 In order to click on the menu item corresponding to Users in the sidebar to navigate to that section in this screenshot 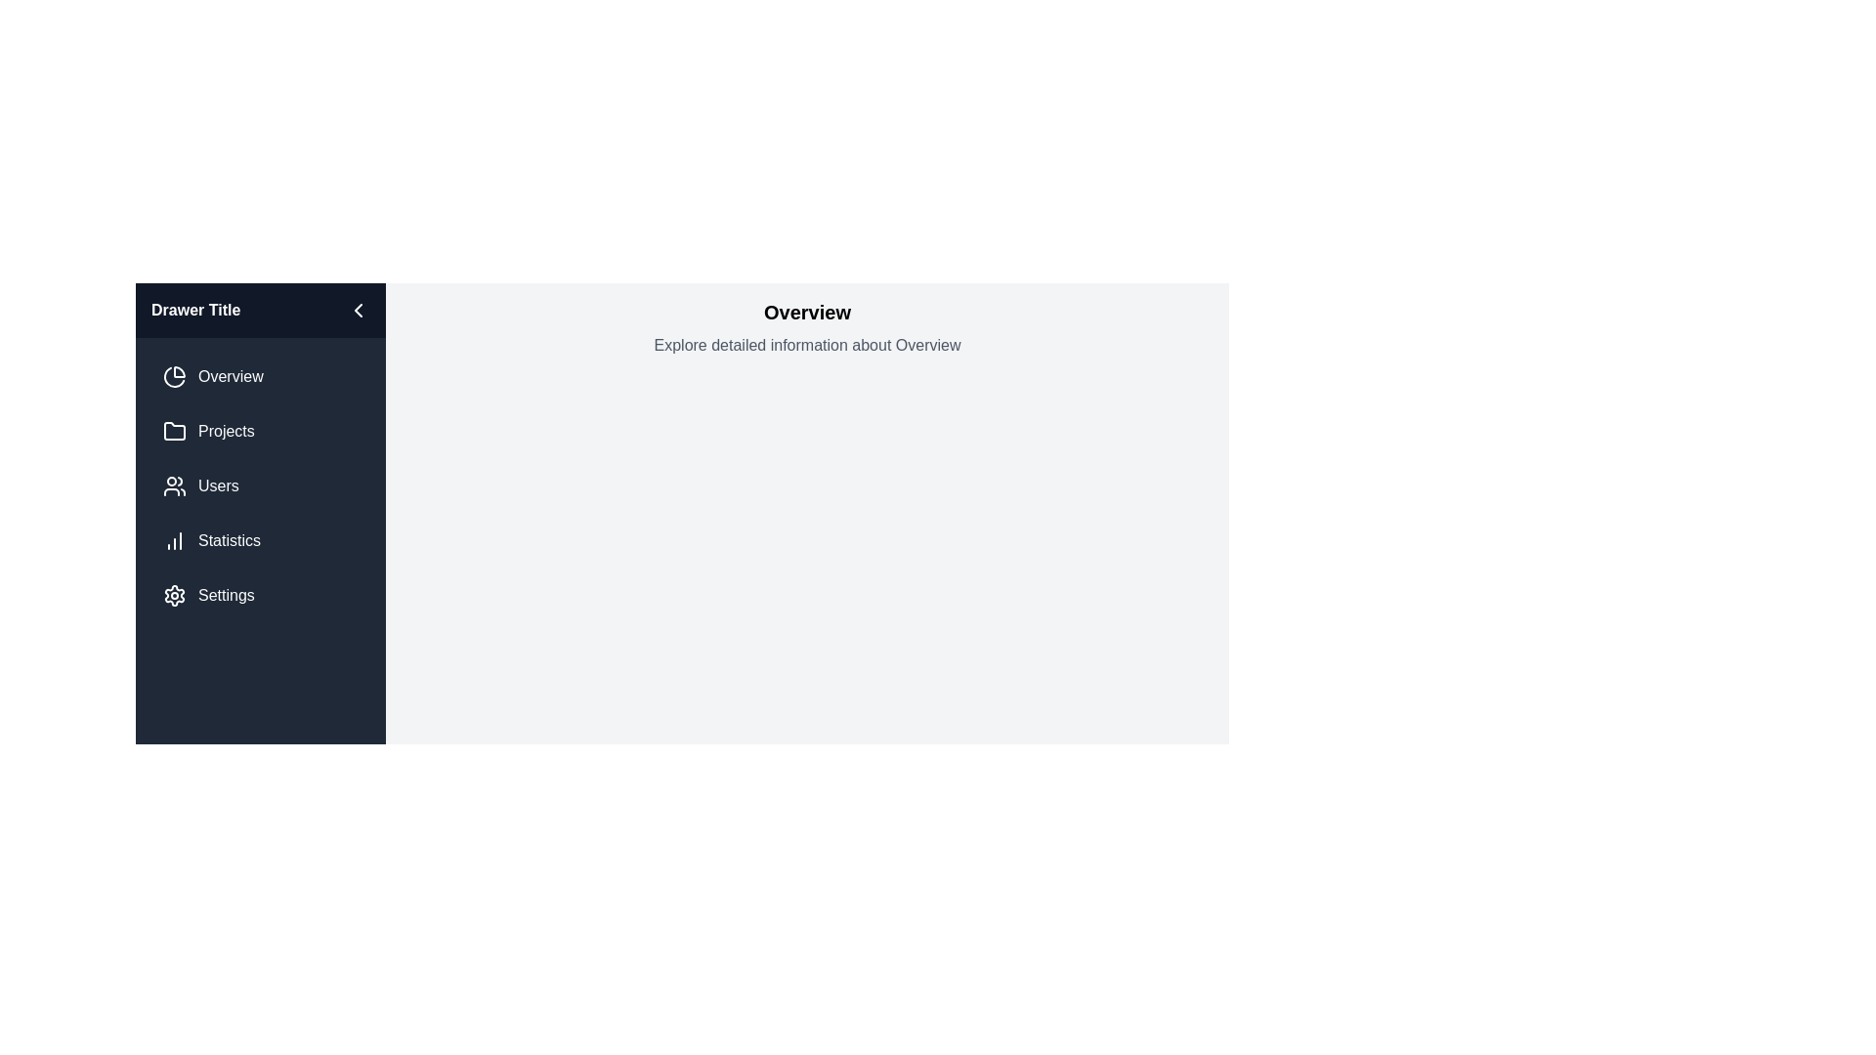, I will do `click(260, 485)`.